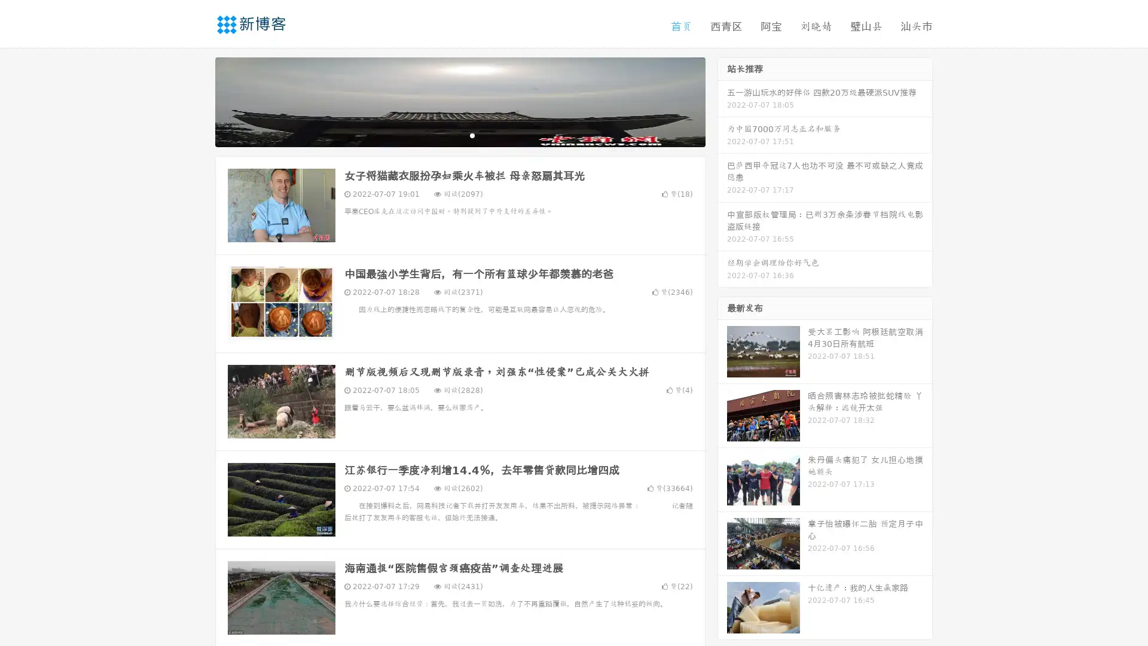  I want to click on Go to slide 2, so click(459, 135).